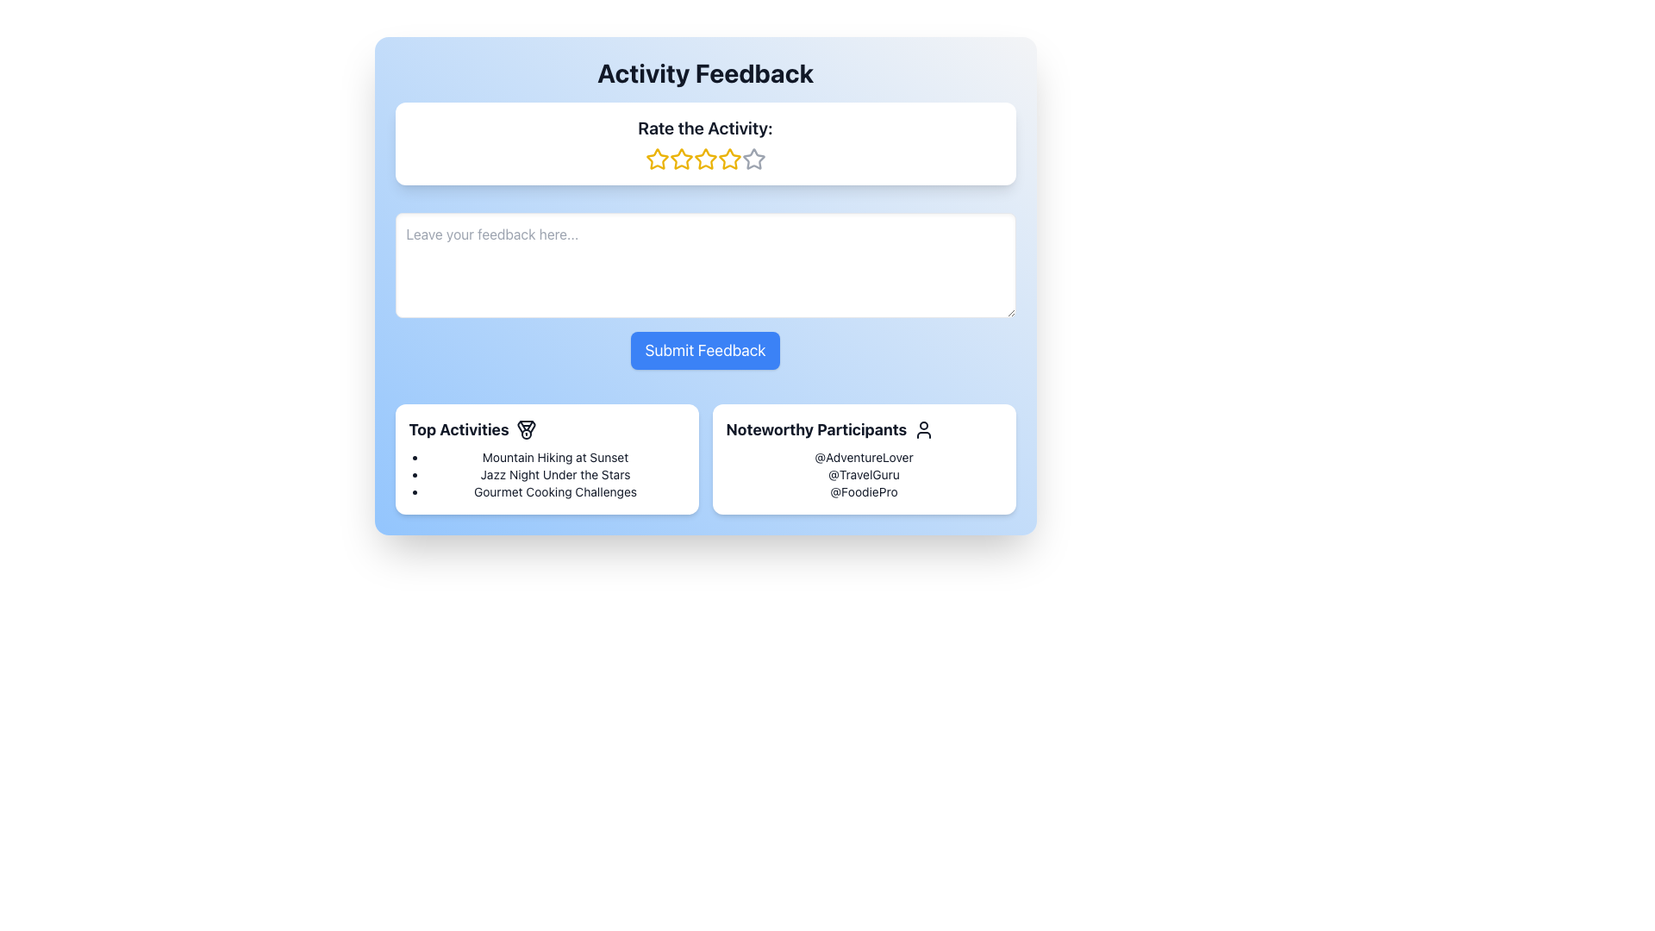 The height and width of the screenshot is (931, 1655). Describe the element at coordinates (546, 458) in the screenshot. I see `the Informational Card located in the lower-left area of the interface, which showcases highlighted activities and is positioned in the first column of a two-column grid layout` at that location.